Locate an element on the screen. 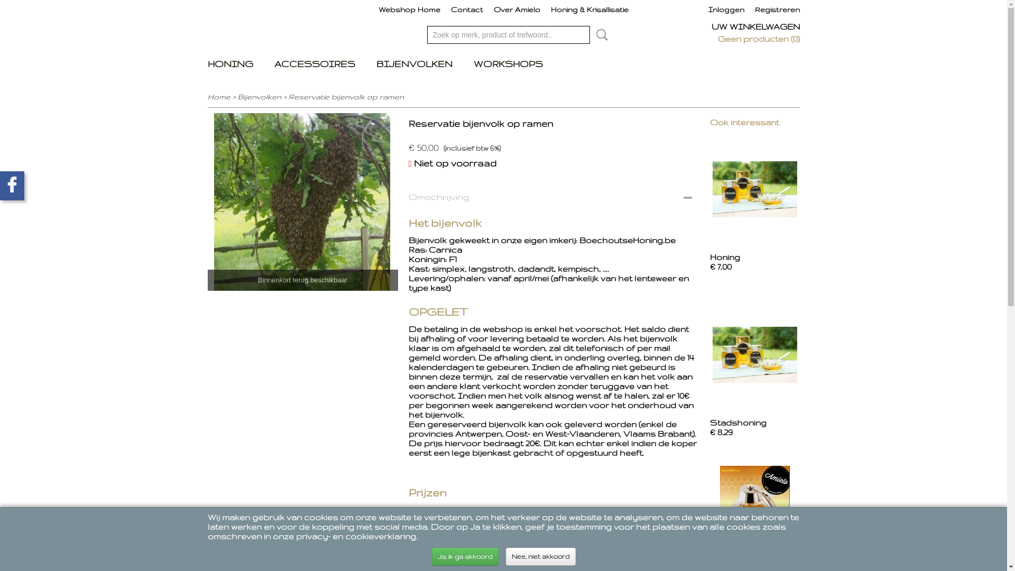  'Zoeken' is located at coordinates (599, 34).